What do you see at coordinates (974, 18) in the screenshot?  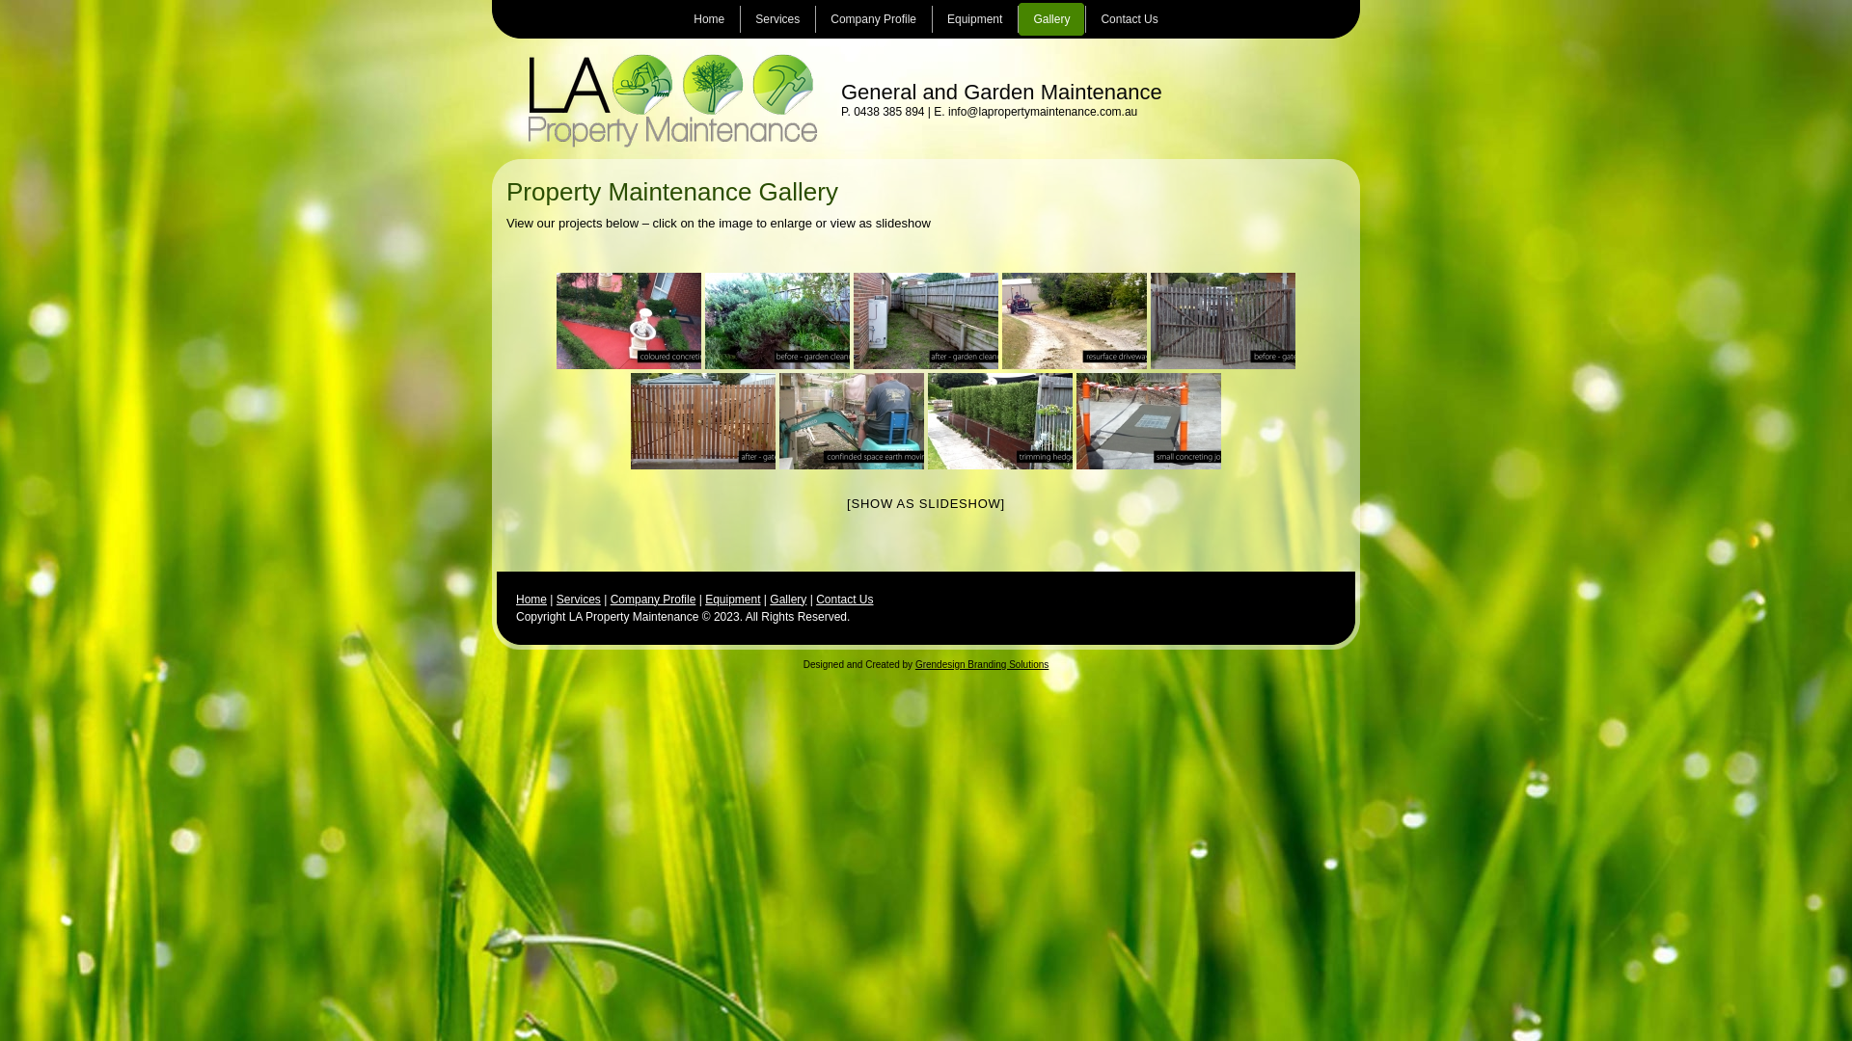 I see `'Equipment'` at bounding box center [974, 18].